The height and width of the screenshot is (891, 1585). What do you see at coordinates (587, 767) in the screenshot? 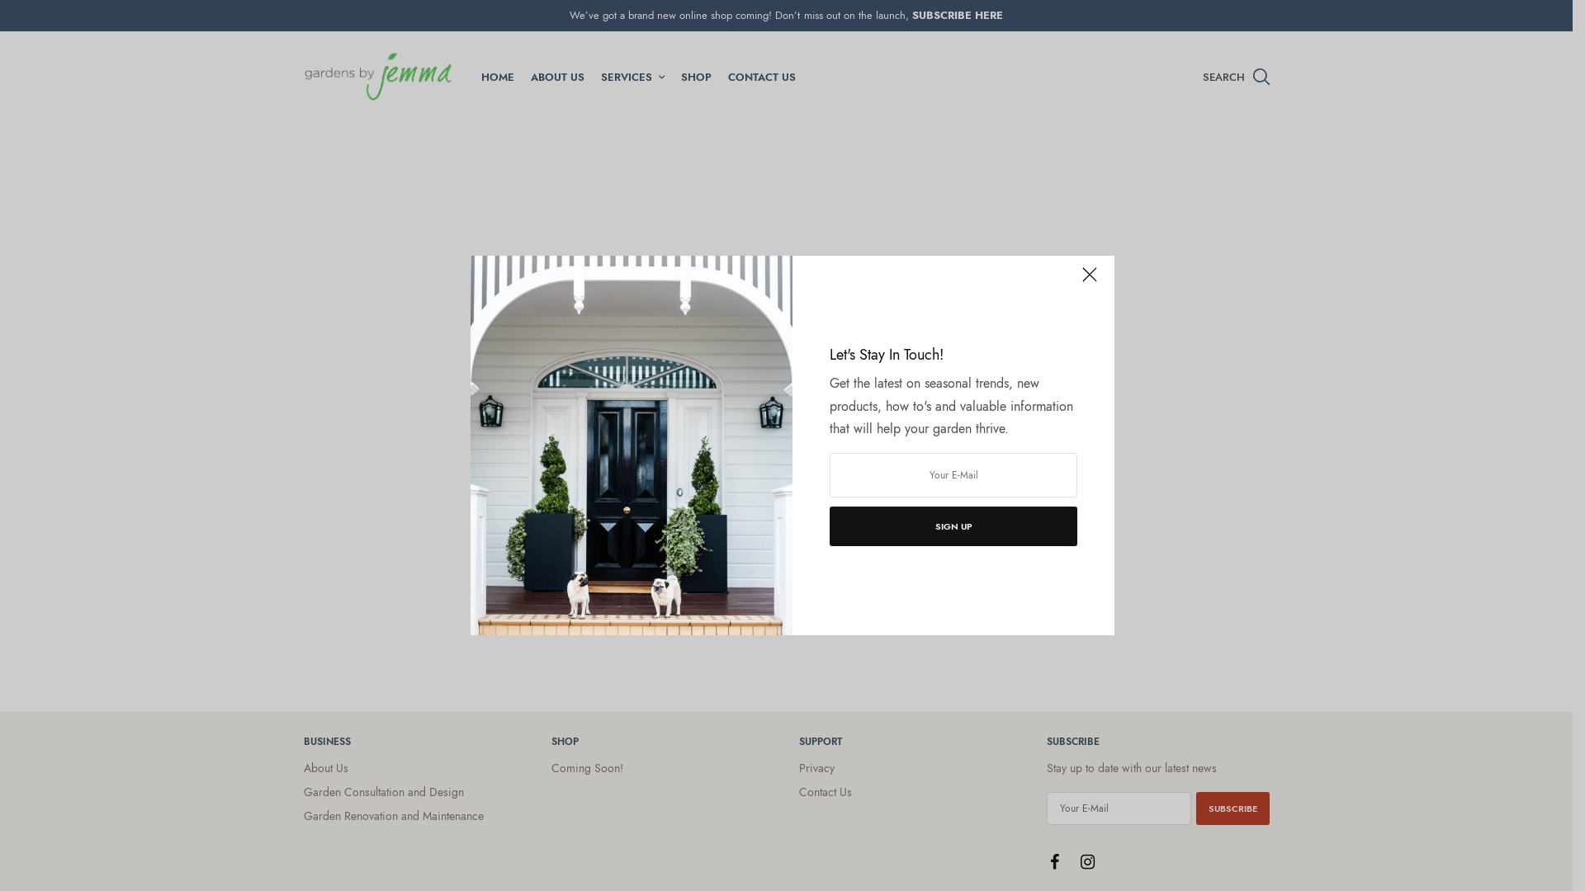
I see `'Coming Soon!'` at bounding box center [587, 767].